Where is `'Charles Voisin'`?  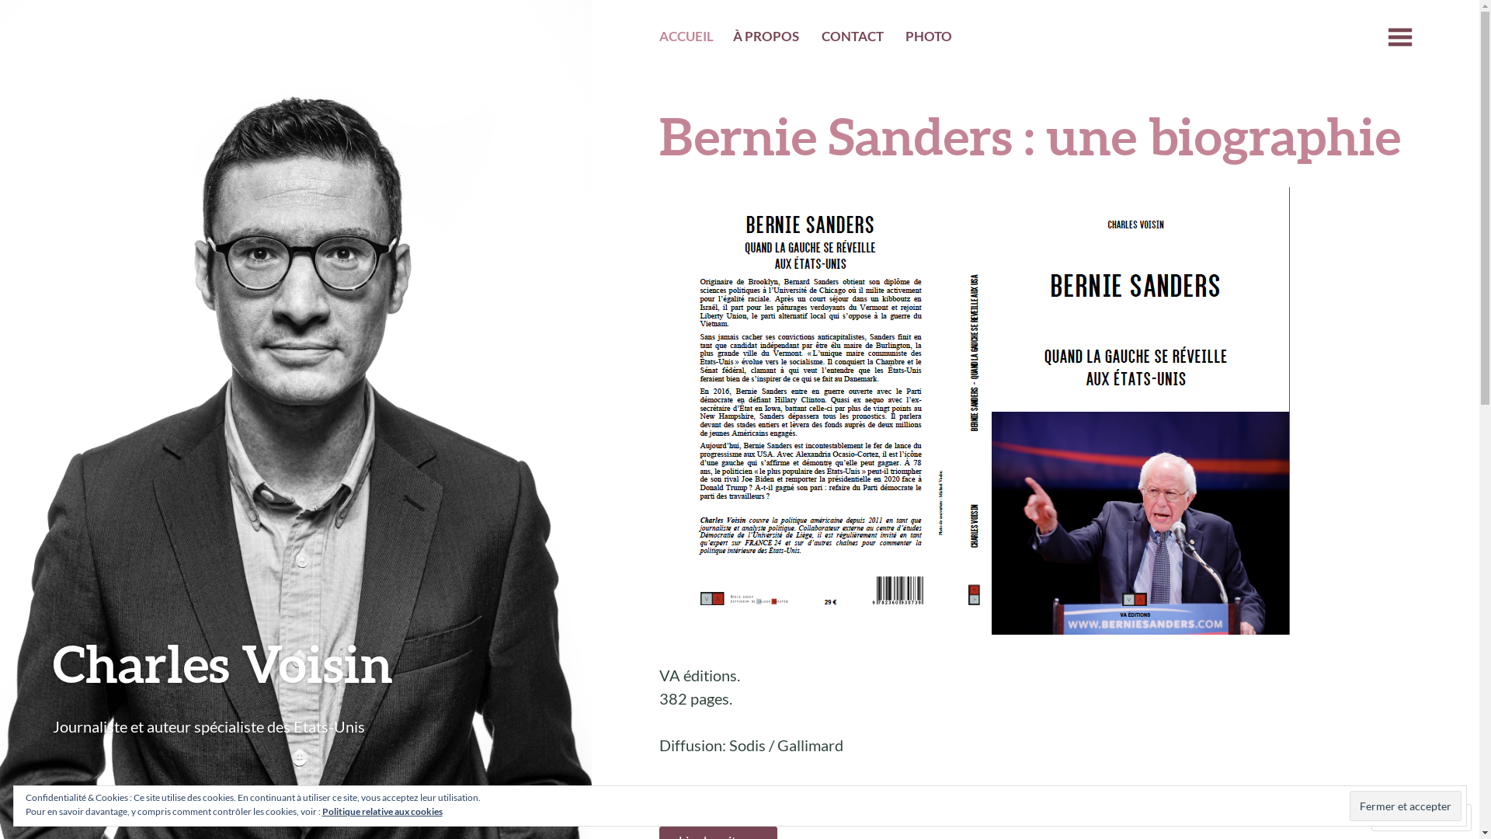
'Charles Voisin' is located at coordinates (222, 663).